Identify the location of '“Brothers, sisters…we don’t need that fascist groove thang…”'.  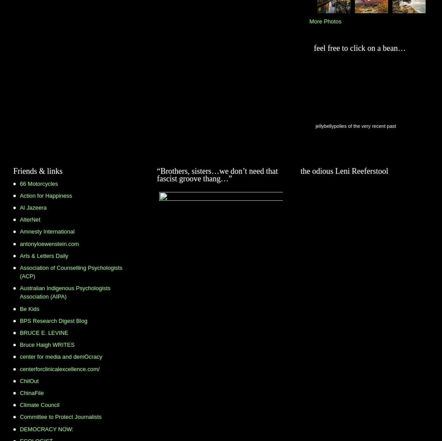
(156, 175).